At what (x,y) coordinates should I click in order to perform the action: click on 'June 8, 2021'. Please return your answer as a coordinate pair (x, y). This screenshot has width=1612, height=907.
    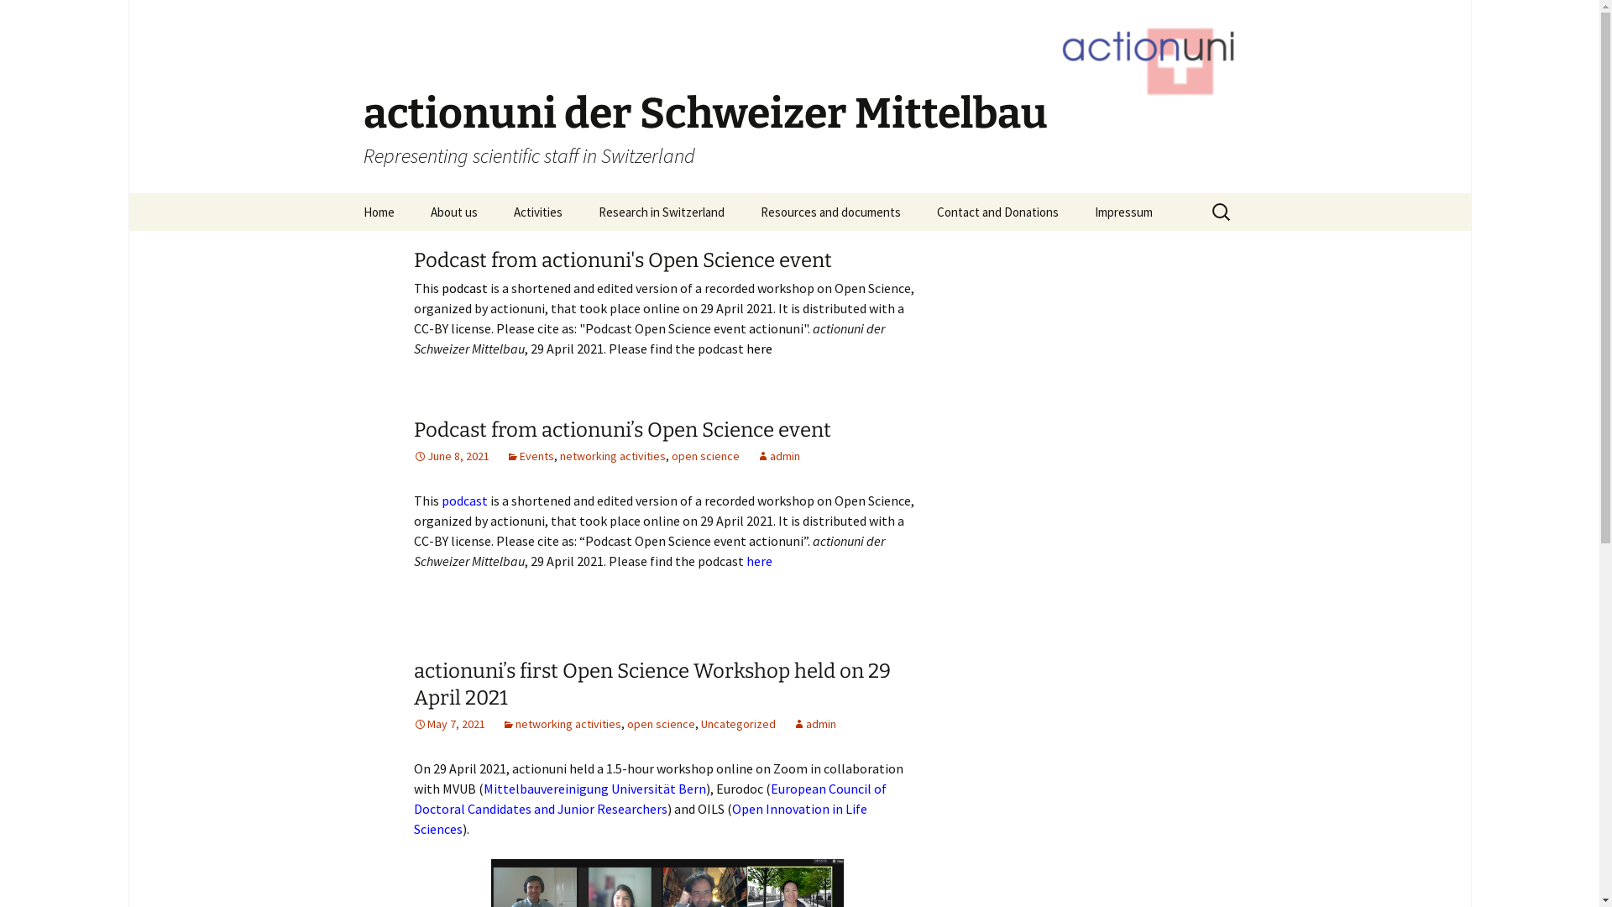
    Looking at the image, I should click on (412, 456).